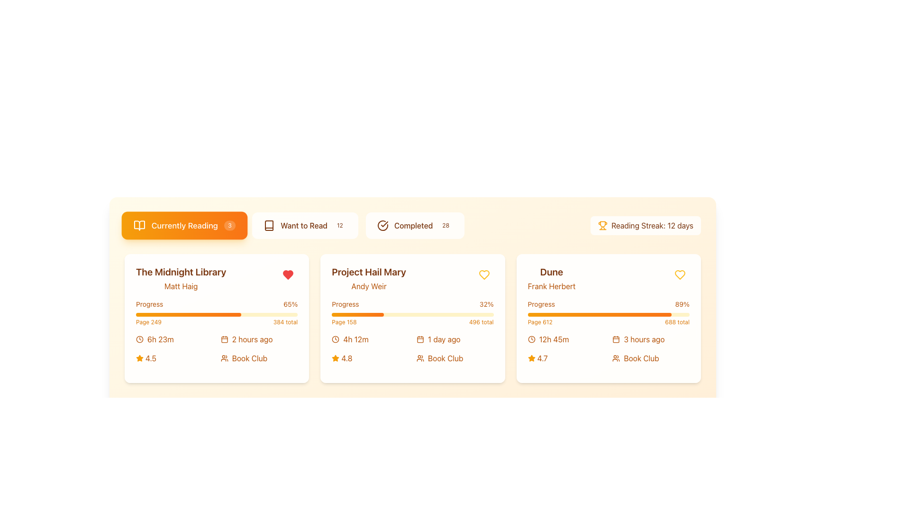  What do you see at coordinates (599, 314) in the screenshot?
I see `the progress bar styled with a gradient from amber to orange, which is filled to approximately 89% of its width, located in the 'Progress' section of the card associated with the book 'Dune' by Frank Herbert` at bounding box center [599, 314].